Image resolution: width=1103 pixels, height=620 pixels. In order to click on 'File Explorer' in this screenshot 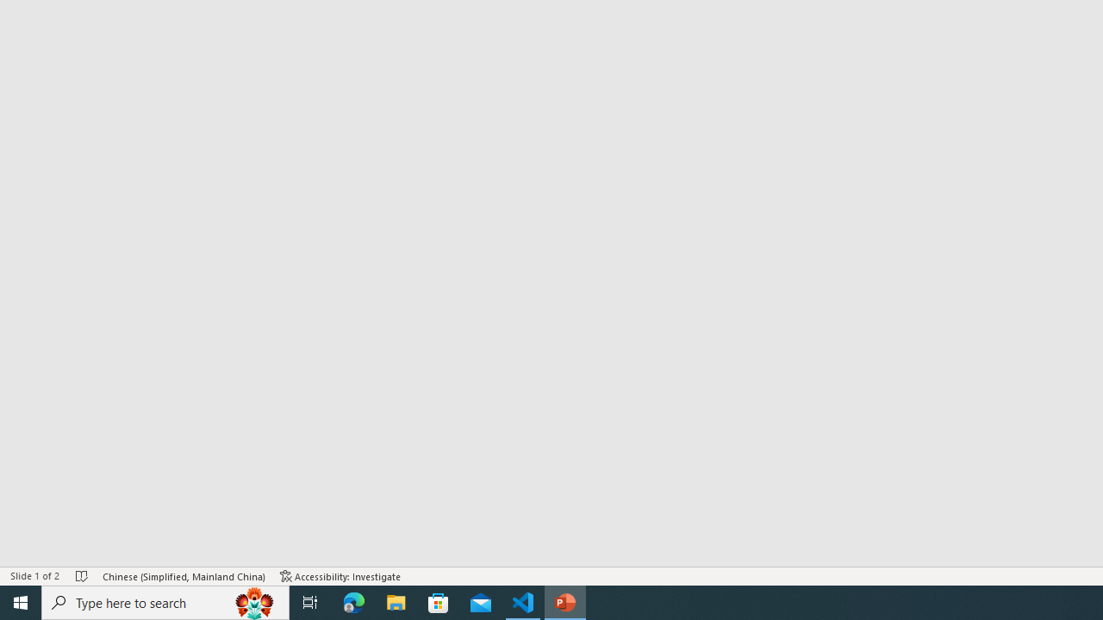, I will do `click(396, 601)`.